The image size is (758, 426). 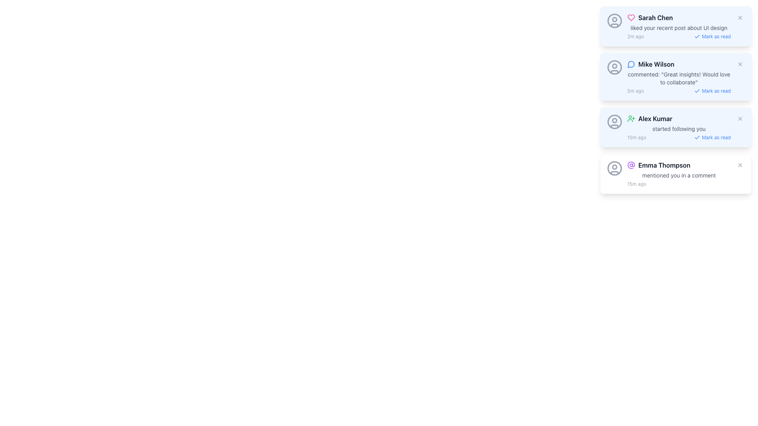 What do you see at coordinates (678, 27) in the screenshot?
I see `the text label displaying additional details about the user's interaction with the post for 'Sarah Chen', located below the username header and above action links` at bounding box center [678, 27].